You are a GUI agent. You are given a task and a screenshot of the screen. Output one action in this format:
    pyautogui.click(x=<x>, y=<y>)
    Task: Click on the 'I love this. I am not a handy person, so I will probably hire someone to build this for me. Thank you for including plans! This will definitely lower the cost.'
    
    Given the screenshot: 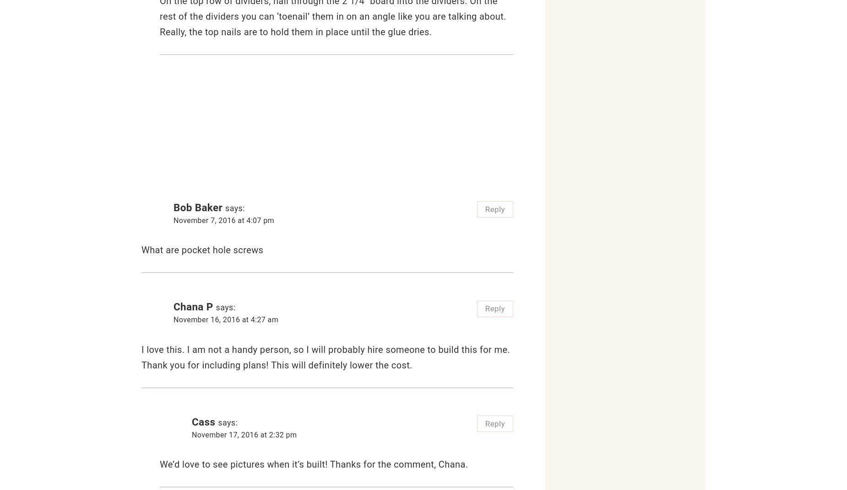 What is the action you would take?
    pyautogui.click(x=326, y=357)
    